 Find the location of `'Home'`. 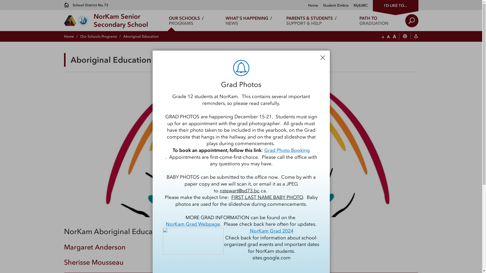

'Home' is located at coordinates (71, 36).